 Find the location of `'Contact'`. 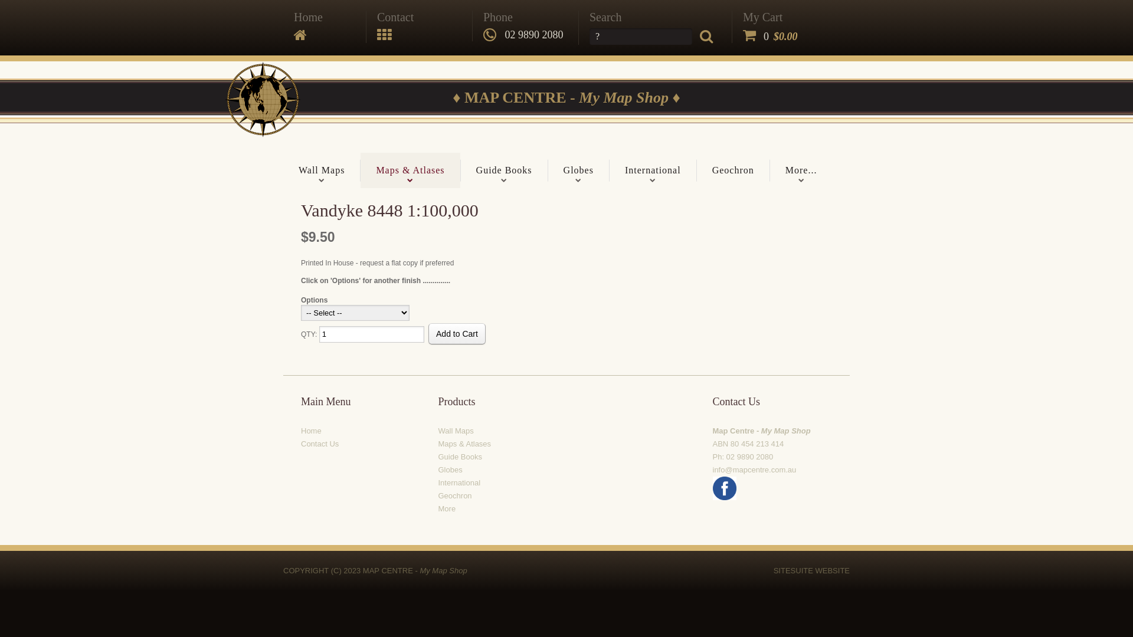

'Contact' is located at coordinates (395, 17).